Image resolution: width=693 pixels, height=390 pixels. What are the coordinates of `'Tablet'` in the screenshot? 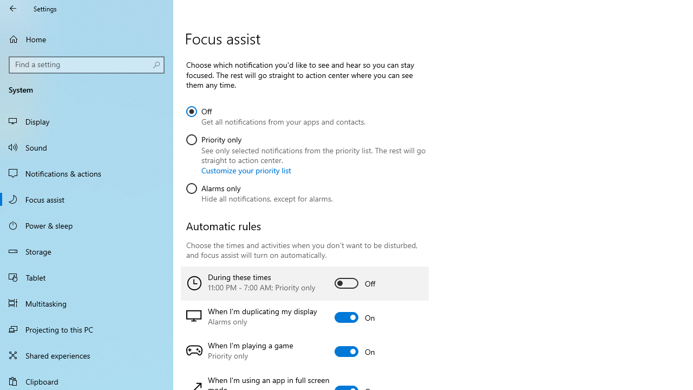 It's located at (87, 276).